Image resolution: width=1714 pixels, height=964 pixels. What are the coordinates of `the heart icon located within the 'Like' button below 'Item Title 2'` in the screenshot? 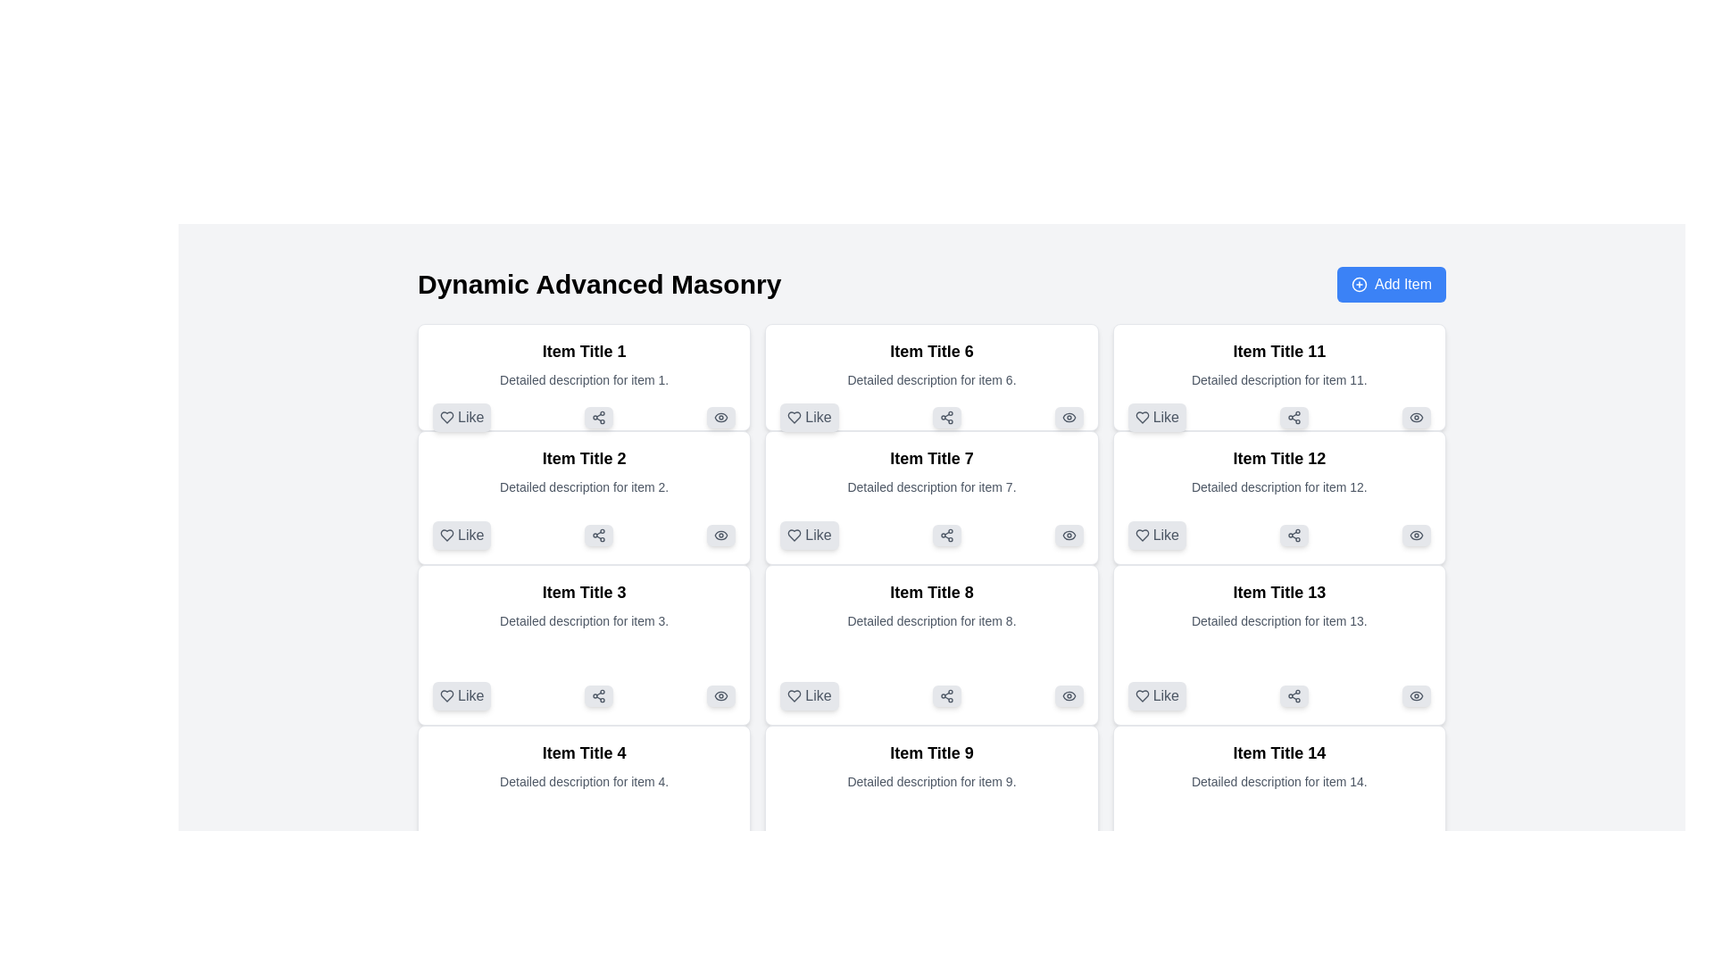 It's located at (446, 535).